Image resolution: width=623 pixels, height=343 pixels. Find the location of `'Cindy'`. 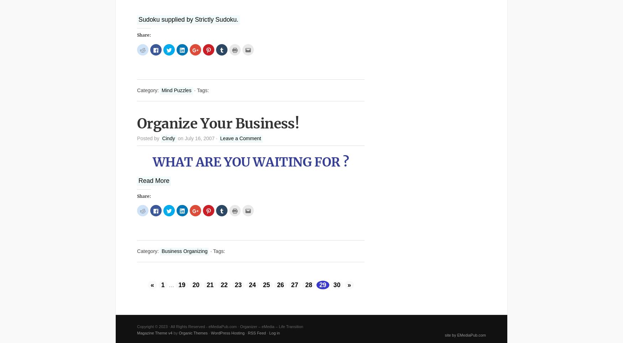

'Cindy' is located at coordinates (168, 138).